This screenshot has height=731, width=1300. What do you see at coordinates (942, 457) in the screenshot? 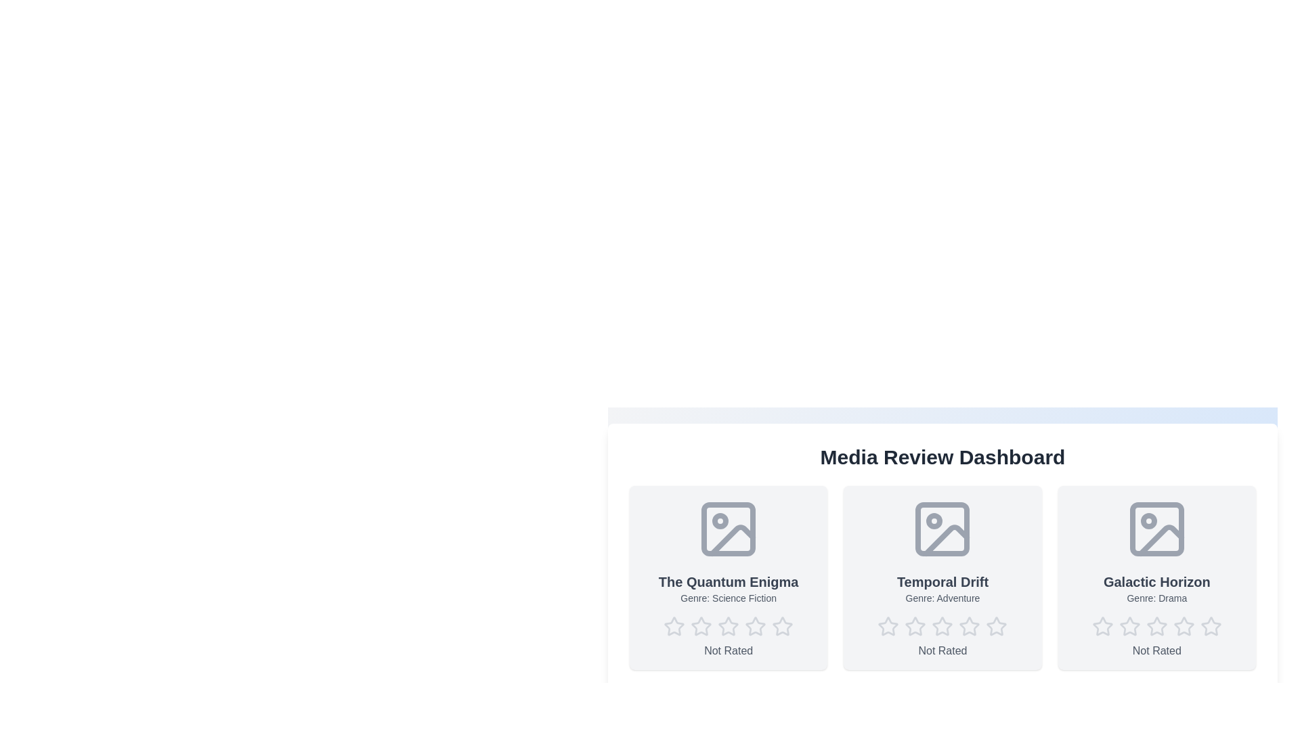
I see `the 'Media Review Dashboard' heading to select or highlight it` at bounding box center [942, 457].